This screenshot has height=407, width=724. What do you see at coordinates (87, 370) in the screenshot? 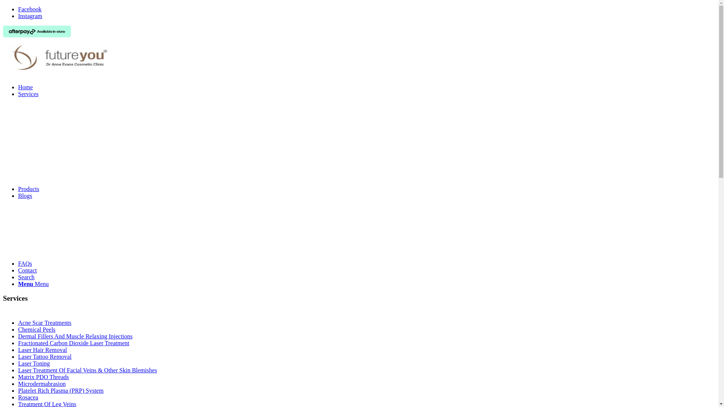
I see `'Laser Treatment Of Facial Veins & Other Skin Blemishes'` at bounding box center [87, 370].